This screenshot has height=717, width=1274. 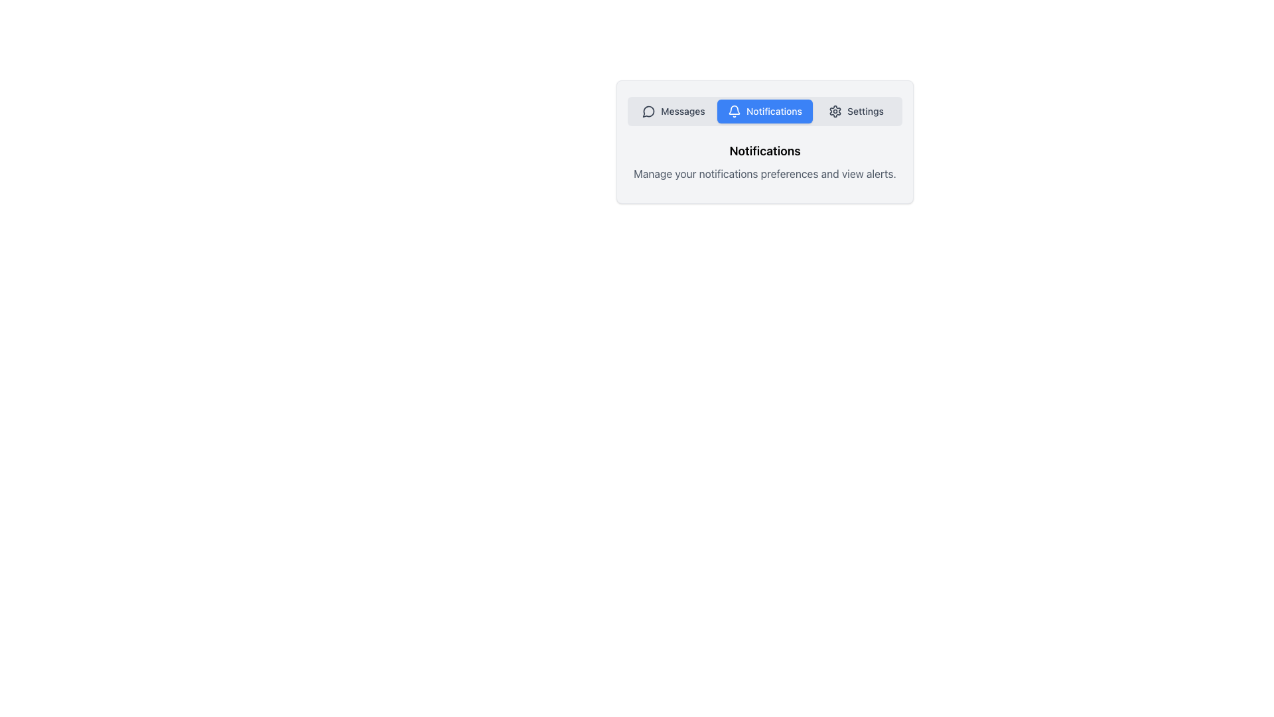 I want to click on the central Text label that serves as the header for the notifications section, so click(x=764, y=150).